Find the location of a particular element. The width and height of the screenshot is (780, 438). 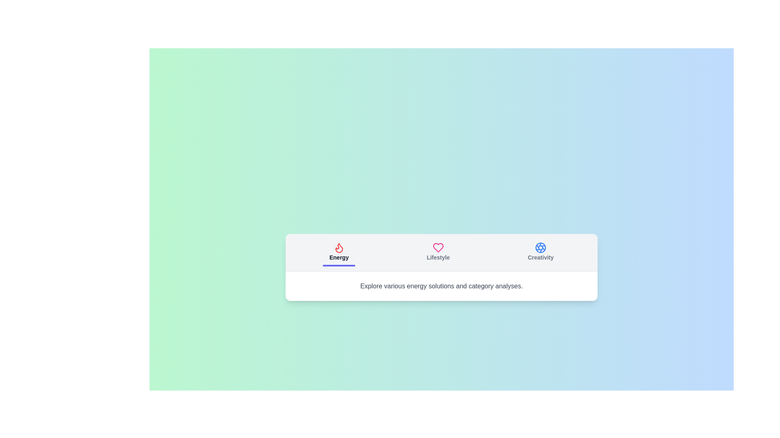

the tab labeled Creativity is located at coordinates (541, 252).